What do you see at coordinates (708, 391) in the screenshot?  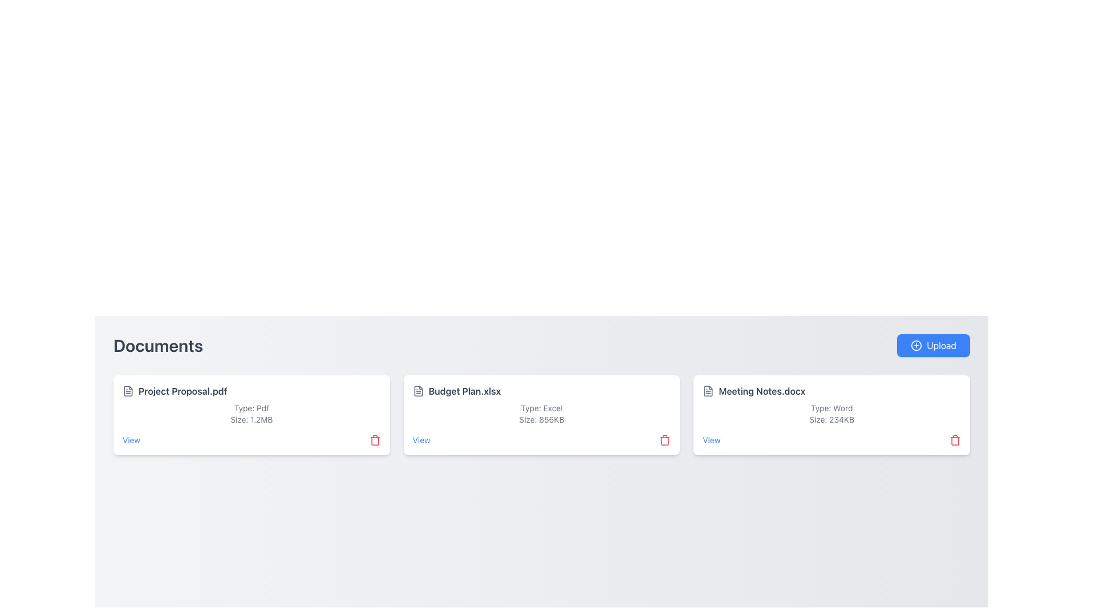 I see `the decorative file icon located at the top-left of the 'Meeting Notes.docx' card in the documents list` at bounding box center [708, 391].